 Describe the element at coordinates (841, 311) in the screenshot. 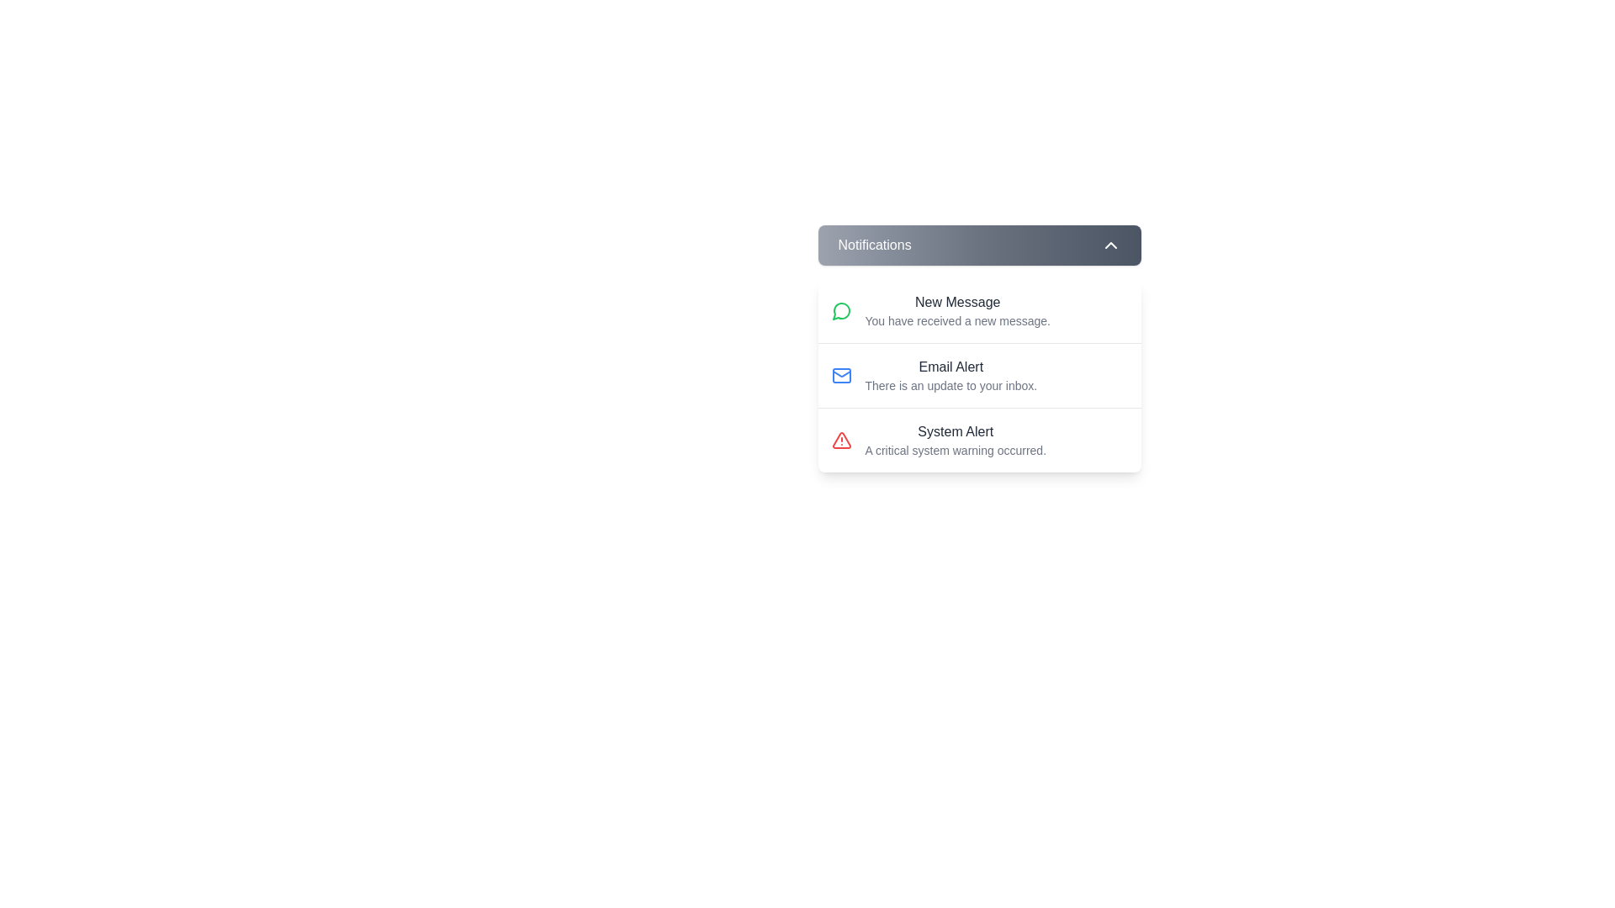

I see `the circular speech bubble icon with a green outline located to the left of the 'New Message' title in the first notification card` at that location.